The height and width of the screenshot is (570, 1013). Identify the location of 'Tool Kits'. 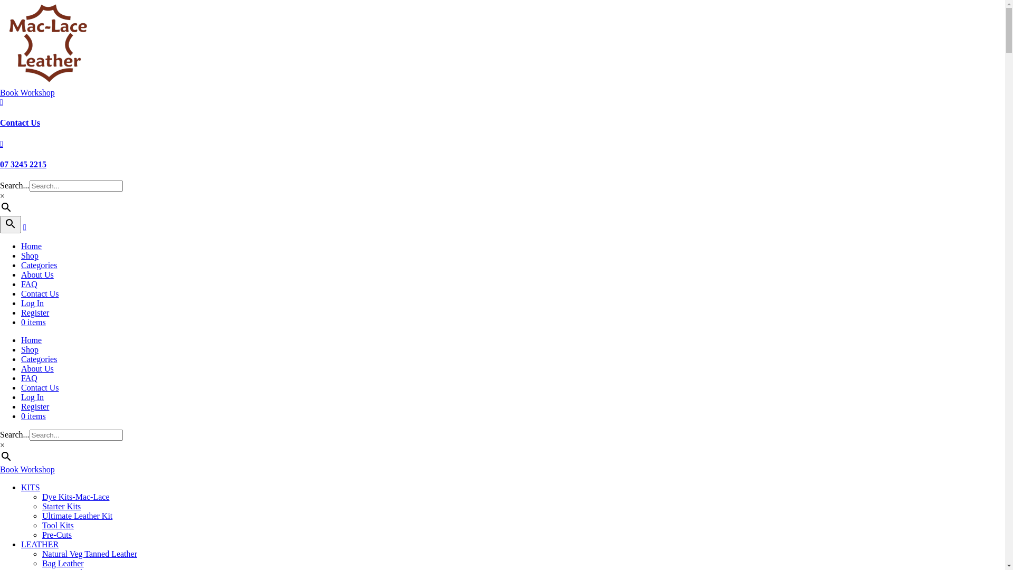
(42, 525).